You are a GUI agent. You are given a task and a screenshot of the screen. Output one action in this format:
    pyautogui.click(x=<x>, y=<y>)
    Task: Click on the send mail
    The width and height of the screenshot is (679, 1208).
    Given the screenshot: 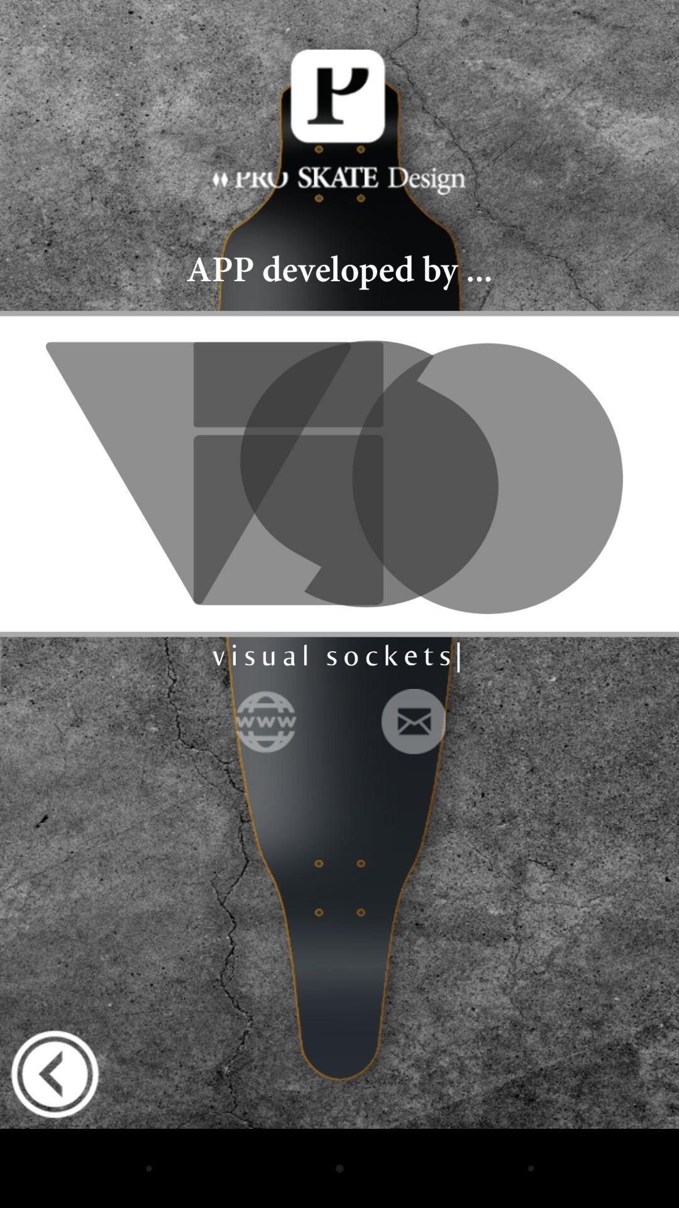 What is the action you would take?
    pyautogui.click(x=412, y=721)
    